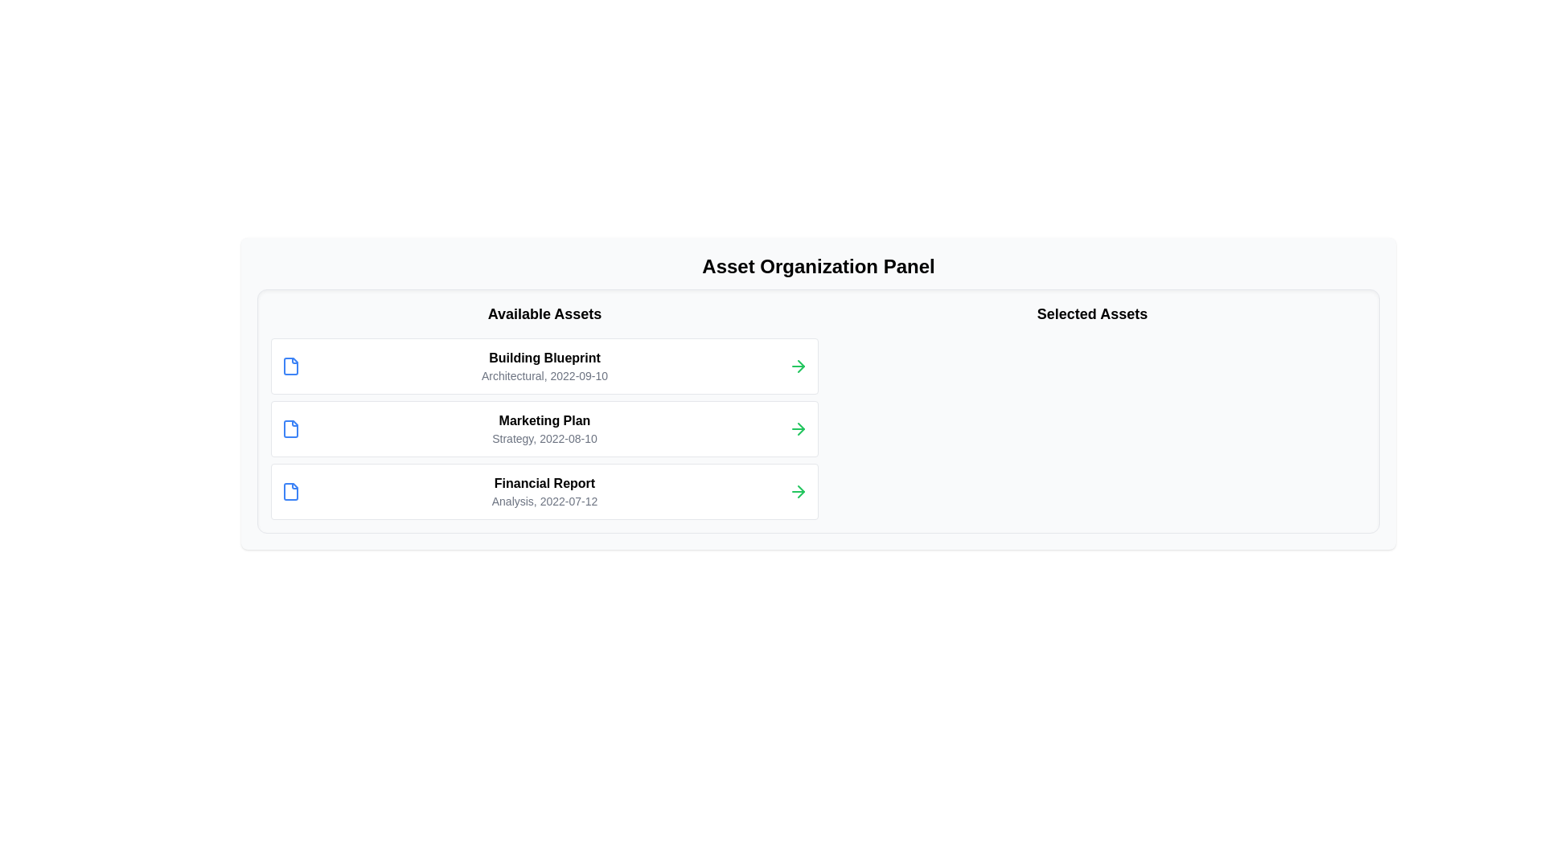  What do you see at coordinates (544, 428) in the screenshot?
I see `the second list item card labeled 'Marketing Plan'` at bounding box center [544, 428].